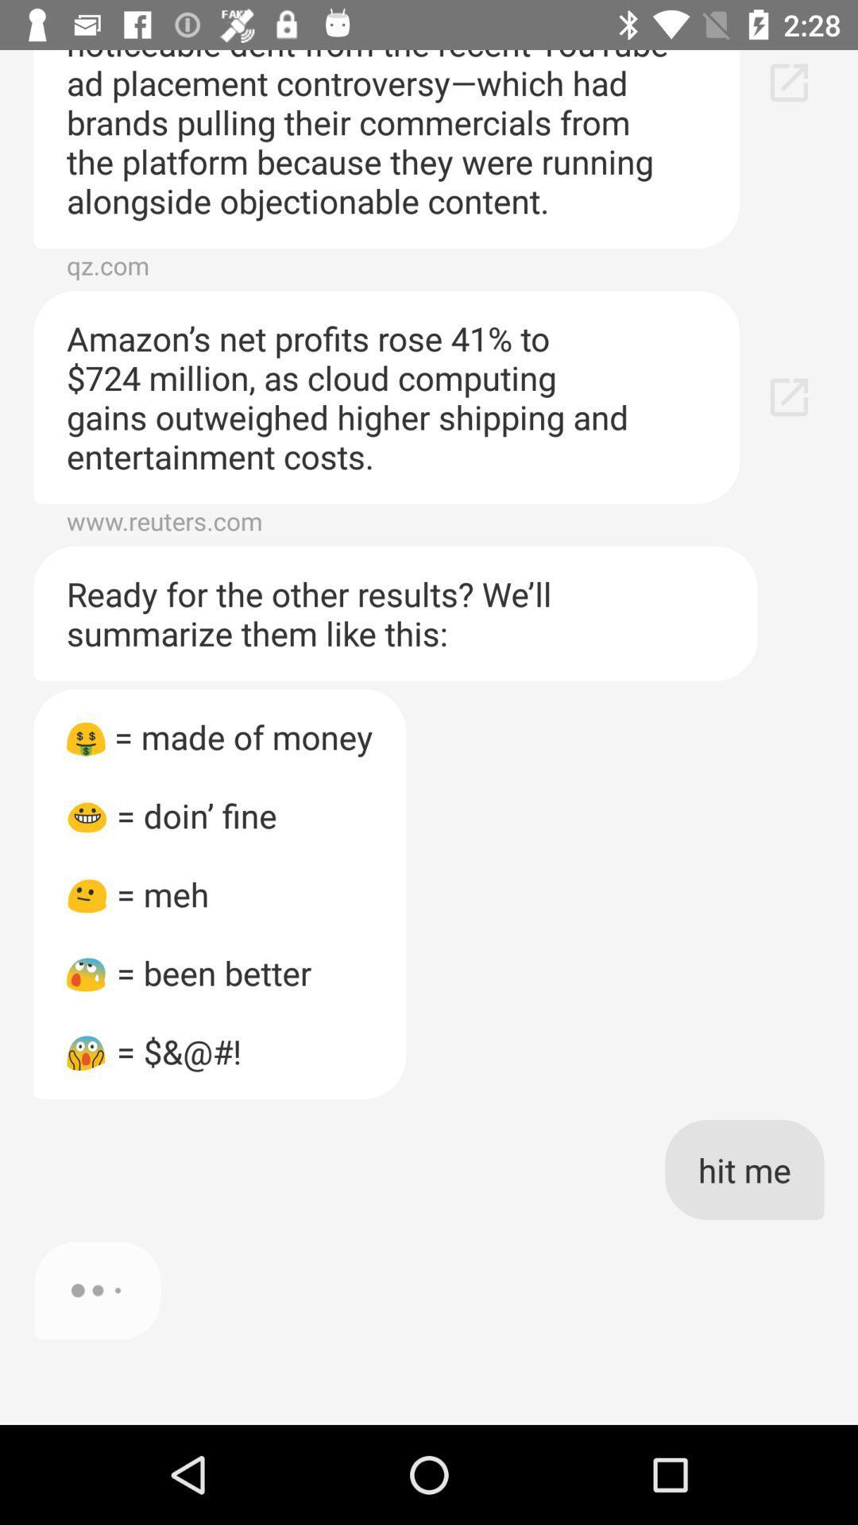 This screenshot has width=858, height=1525. What do you see at coordinates (386, 397) in the screenshot?
I see `the item above www.reuters.com icon` at bounding box center [386, 397].